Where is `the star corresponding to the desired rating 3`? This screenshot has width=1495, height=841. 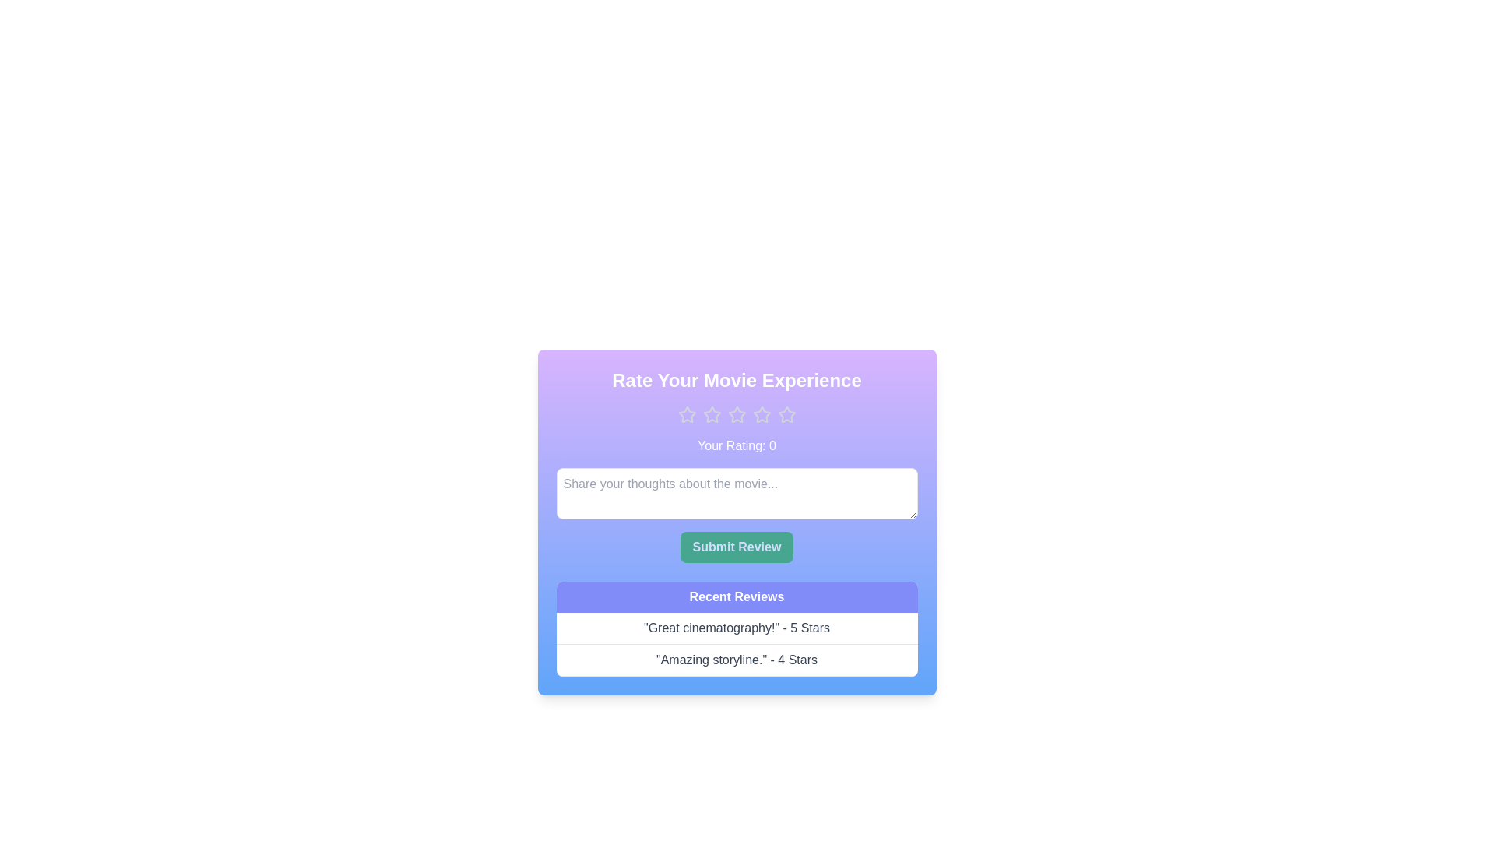
the star corresponding to the desired rating 3 is located at coordinates (736, 413).